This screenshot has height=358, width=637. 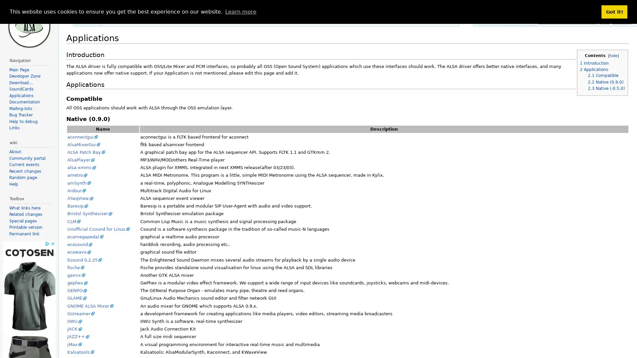 I want to click on Search, so click(x=621, y=20).